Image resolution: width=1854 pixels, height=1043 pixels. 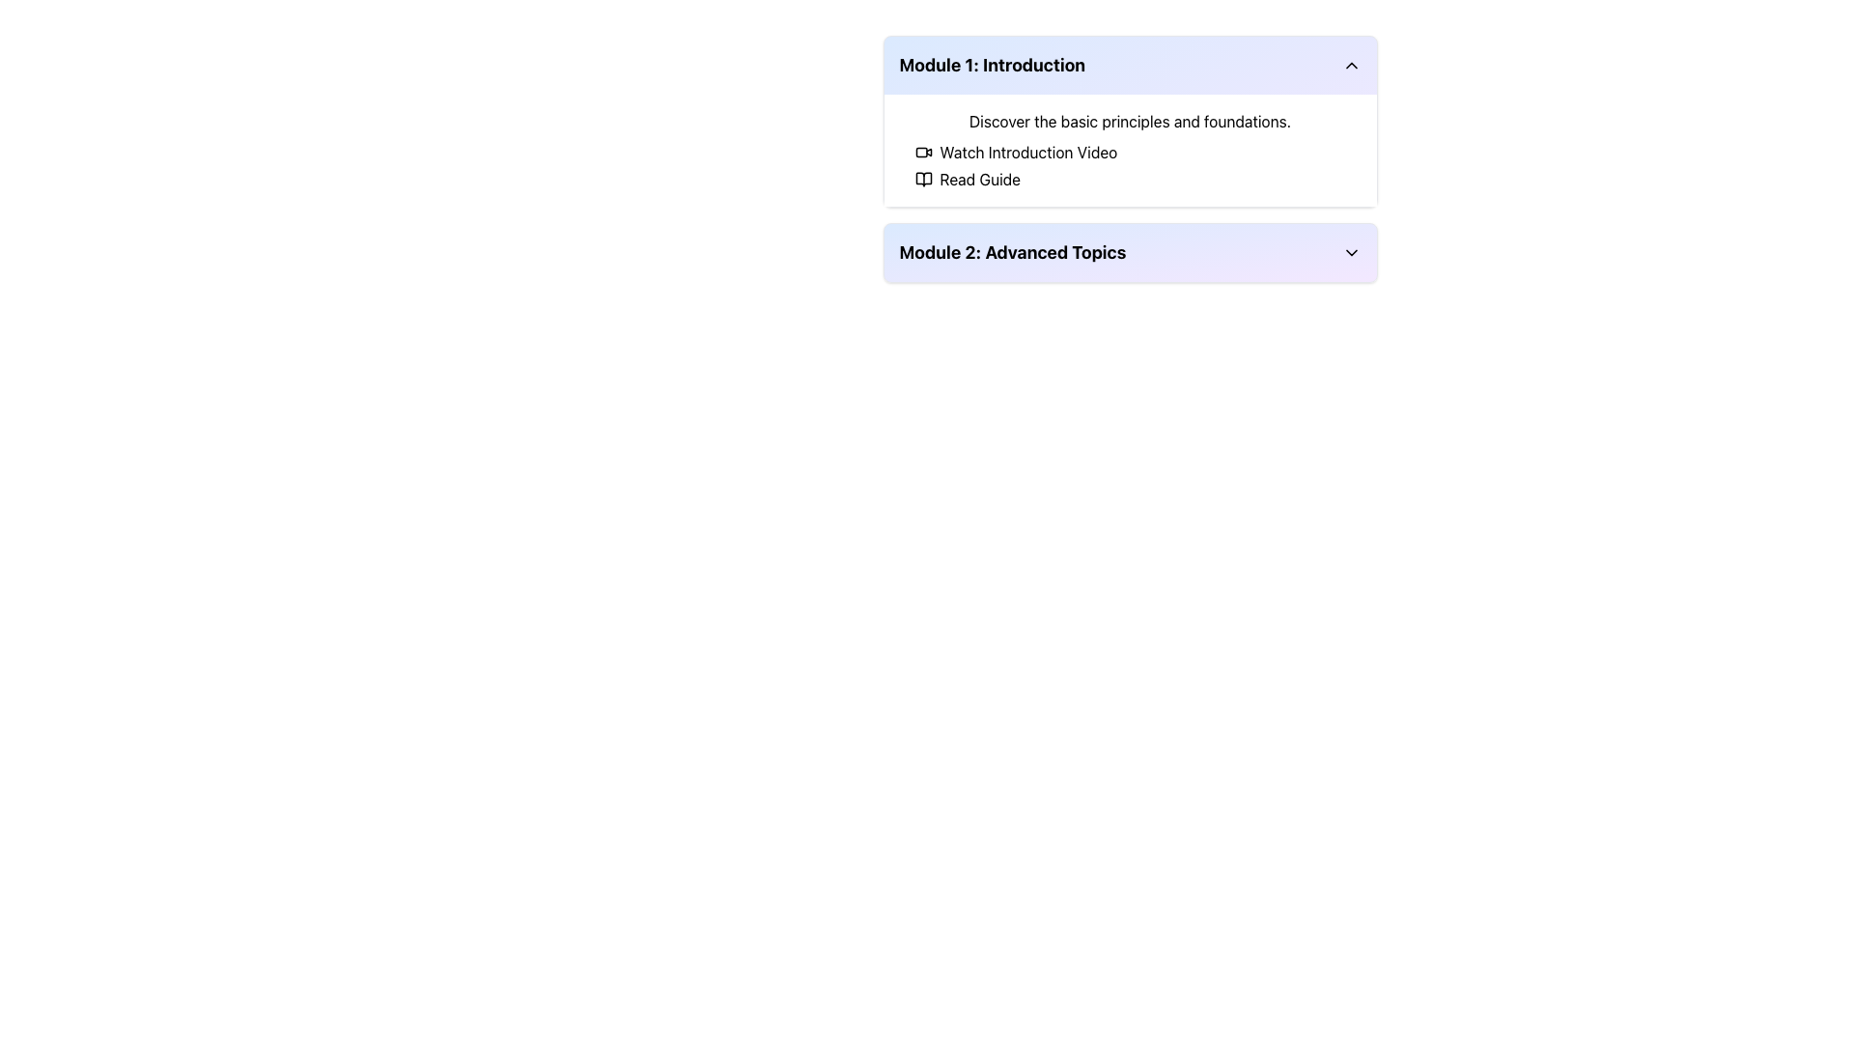 I want to click on the Text label associated with the resource in 'Module 1: Introduction', so click(x=980, y=179).